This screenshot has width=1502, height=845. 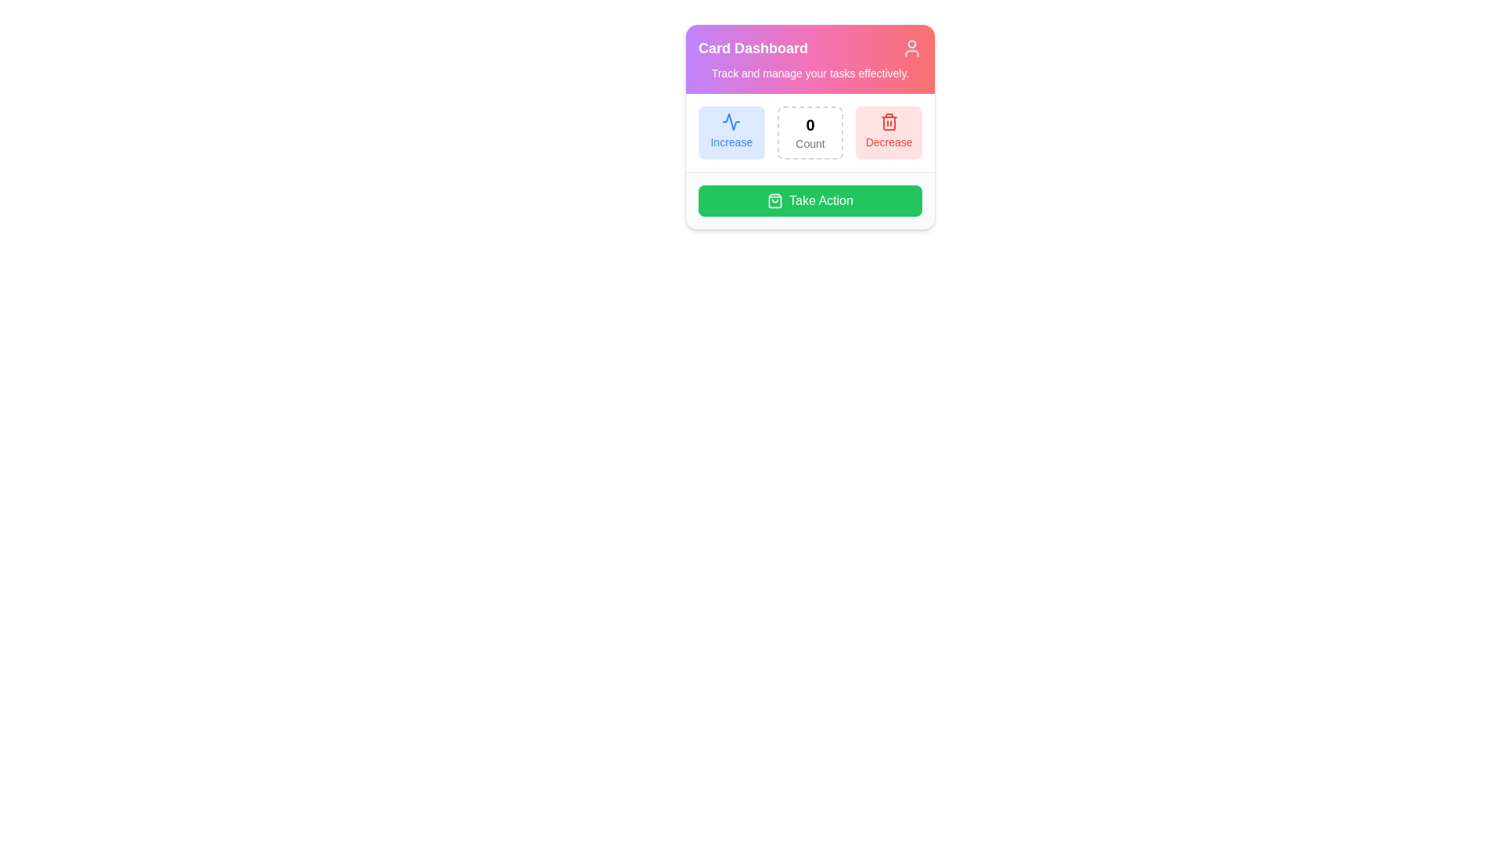 I want to click on the red rectangular button with rounded corners that displays a trash icon and the word 'Decrease' in bold text, located in the top-right corner of the grid layout, so click(x=889, y=131).